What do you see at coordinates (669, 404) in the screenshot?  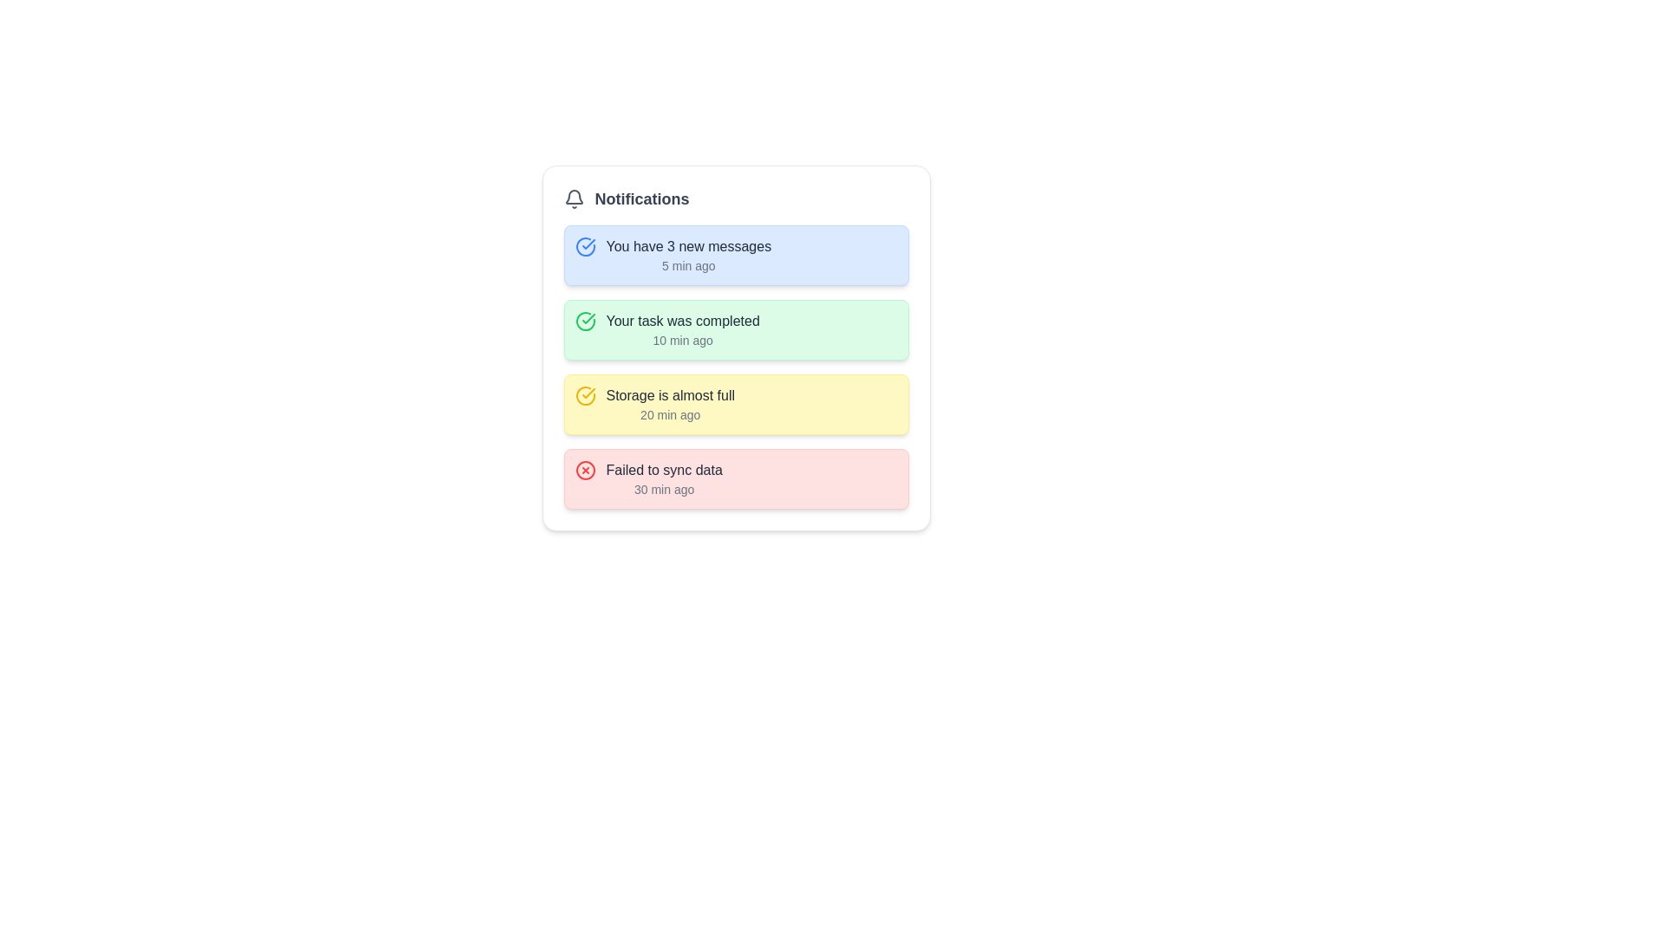 I see `the third notification item` at bounding box center [669, 404].